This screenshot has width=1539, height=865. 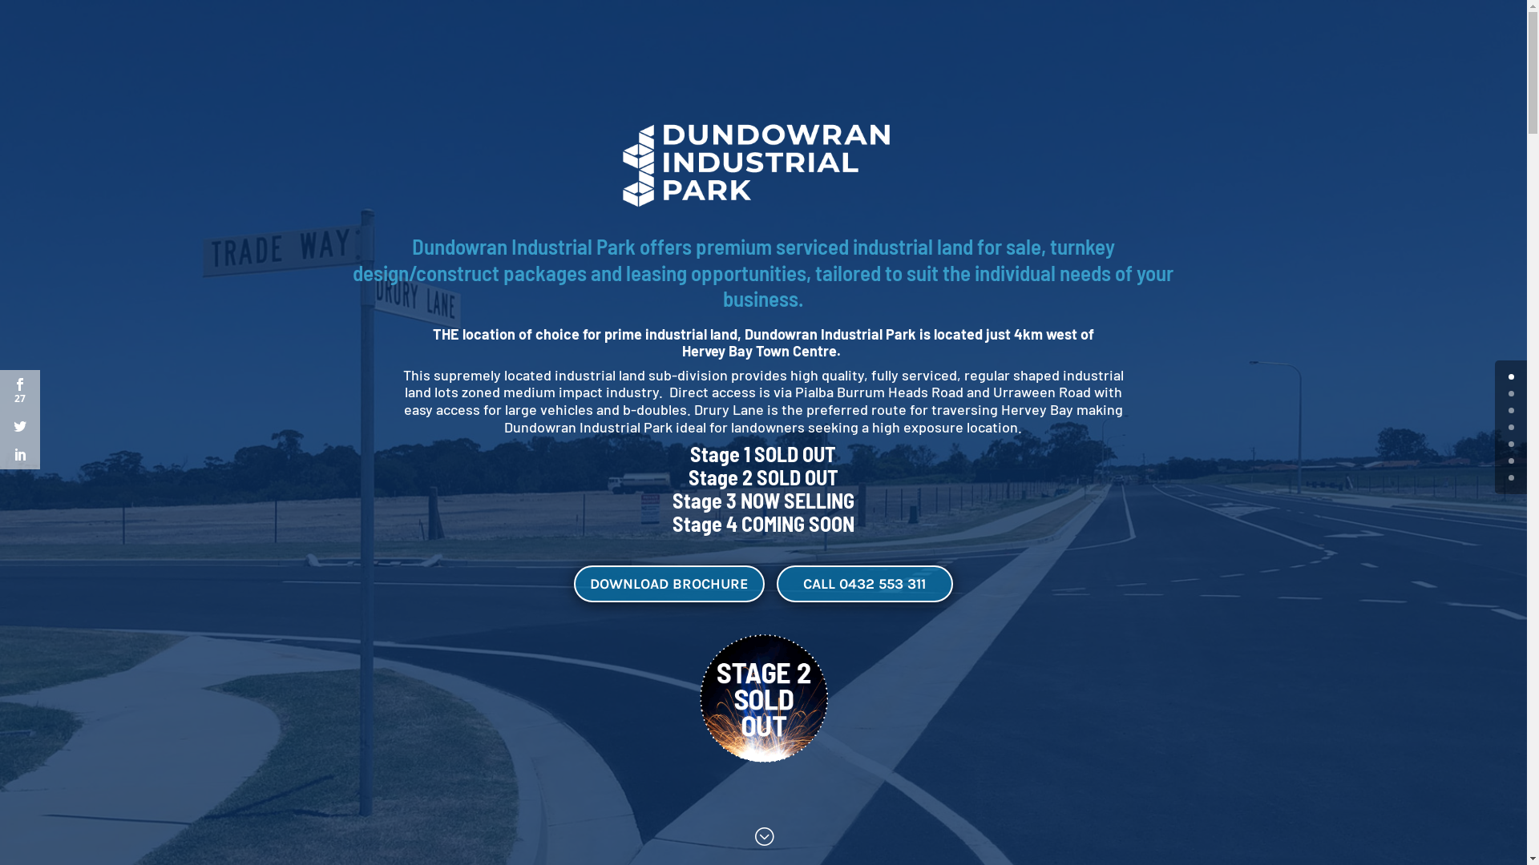 I want to click on '6', so click(x=1510, y=477).